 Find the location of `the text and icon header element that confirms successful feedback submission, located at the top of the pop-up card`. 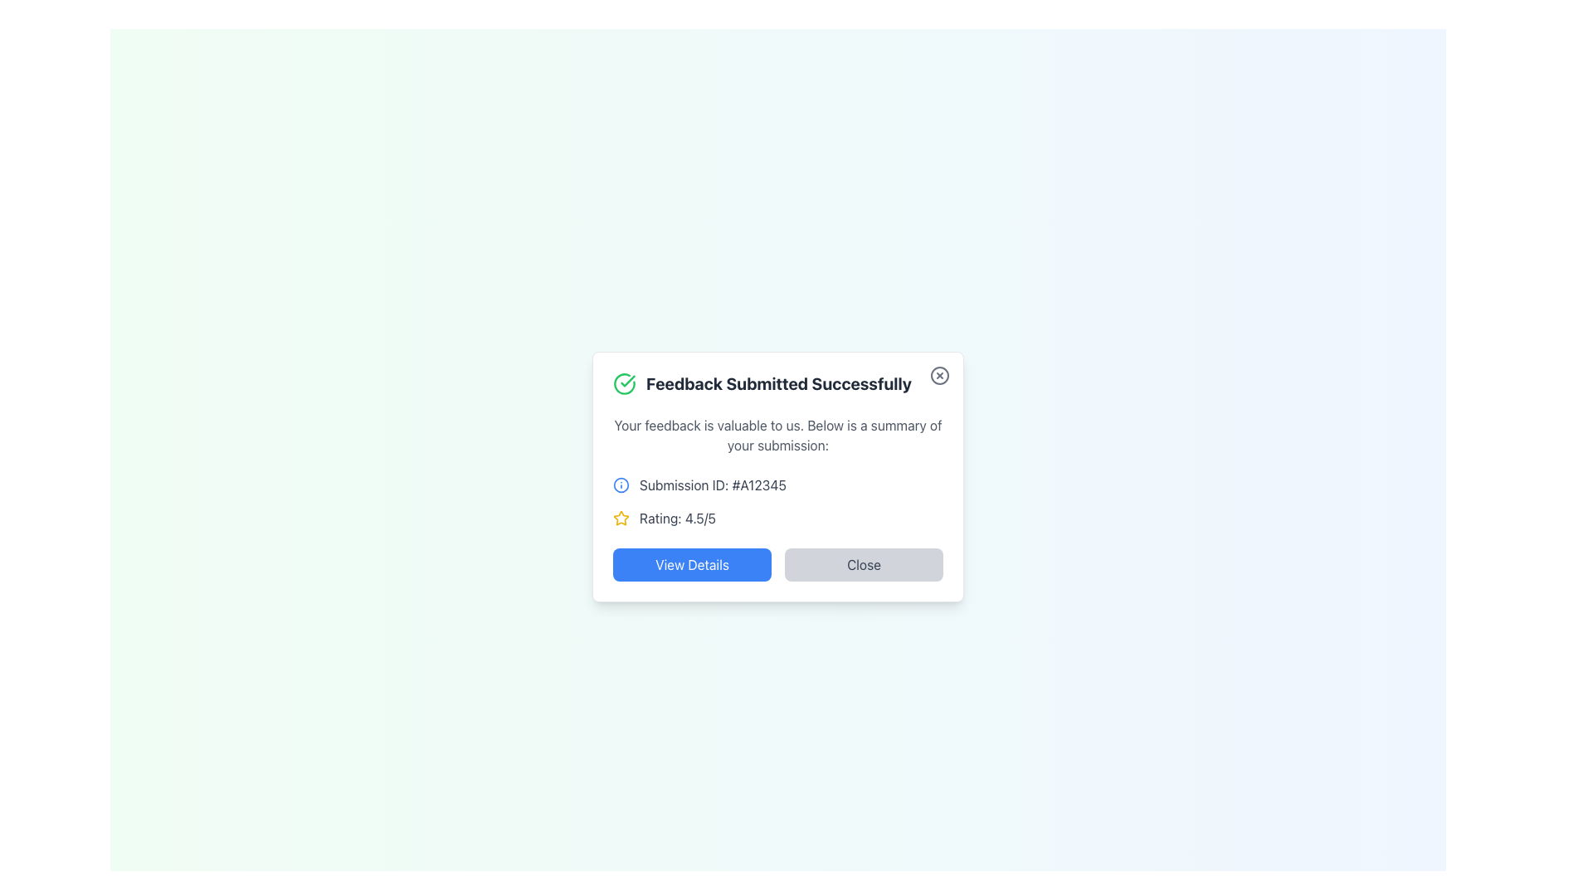

the text and icon header element that confirms successful feedback submission, located at the top of the pop-up card is located at coordinates (777, 383).